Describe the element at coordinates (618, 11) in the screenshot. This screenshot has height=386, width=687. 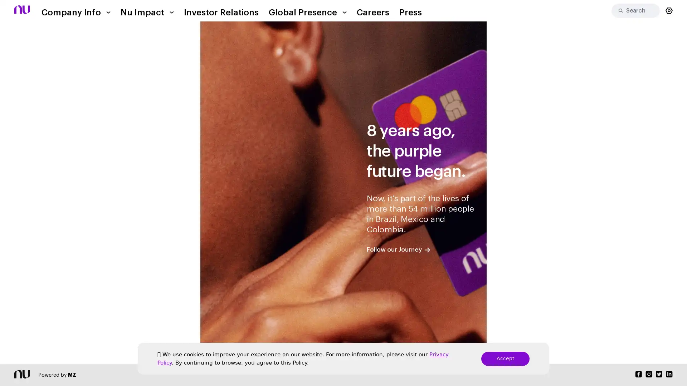
I see `Search` at that location.